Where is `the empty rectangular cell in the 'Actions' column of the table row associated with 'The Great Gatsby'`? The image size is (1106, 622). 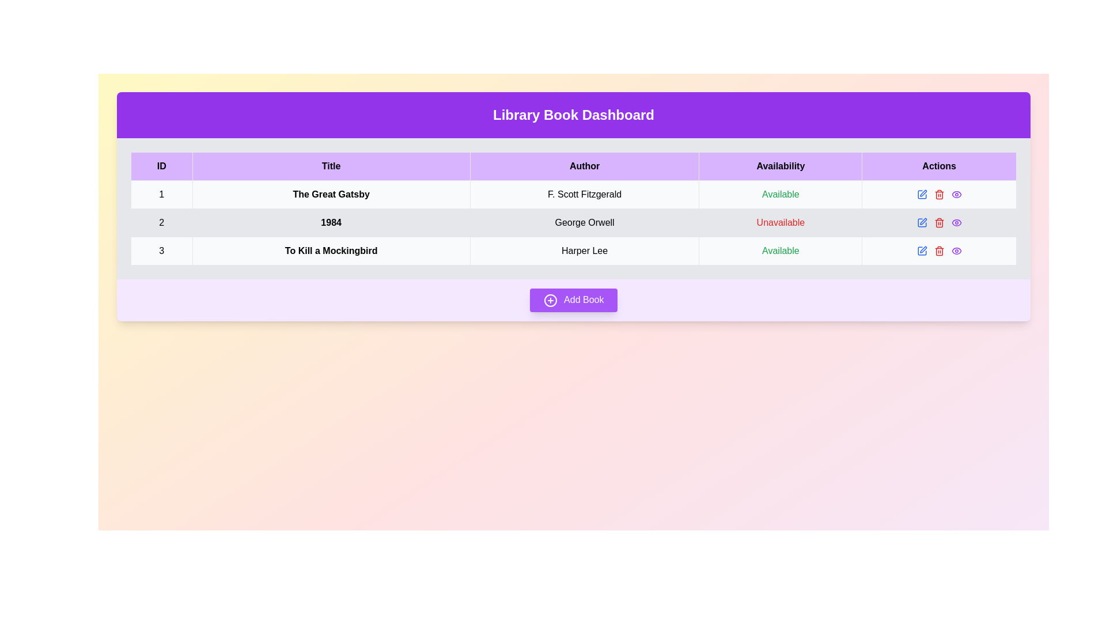 the empty rectangular cell in the 'Actions' column of the table row associated with 'The Great Gatsby' is located at coordinates (939, 194).